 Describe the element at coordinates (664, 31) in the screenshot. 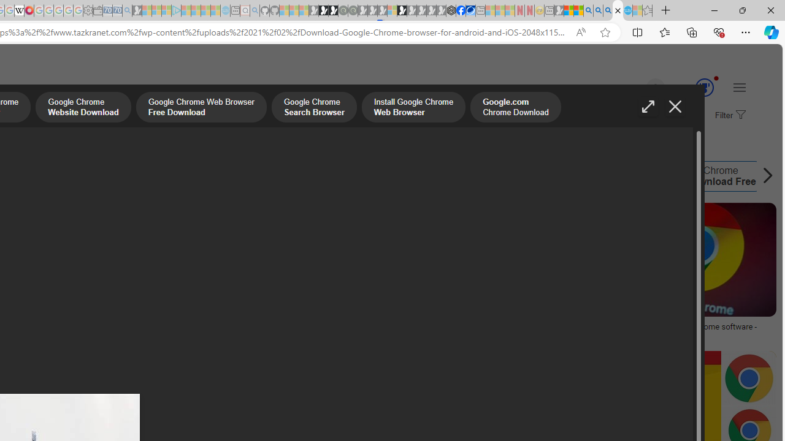

I see `'Favorites'` at that location.